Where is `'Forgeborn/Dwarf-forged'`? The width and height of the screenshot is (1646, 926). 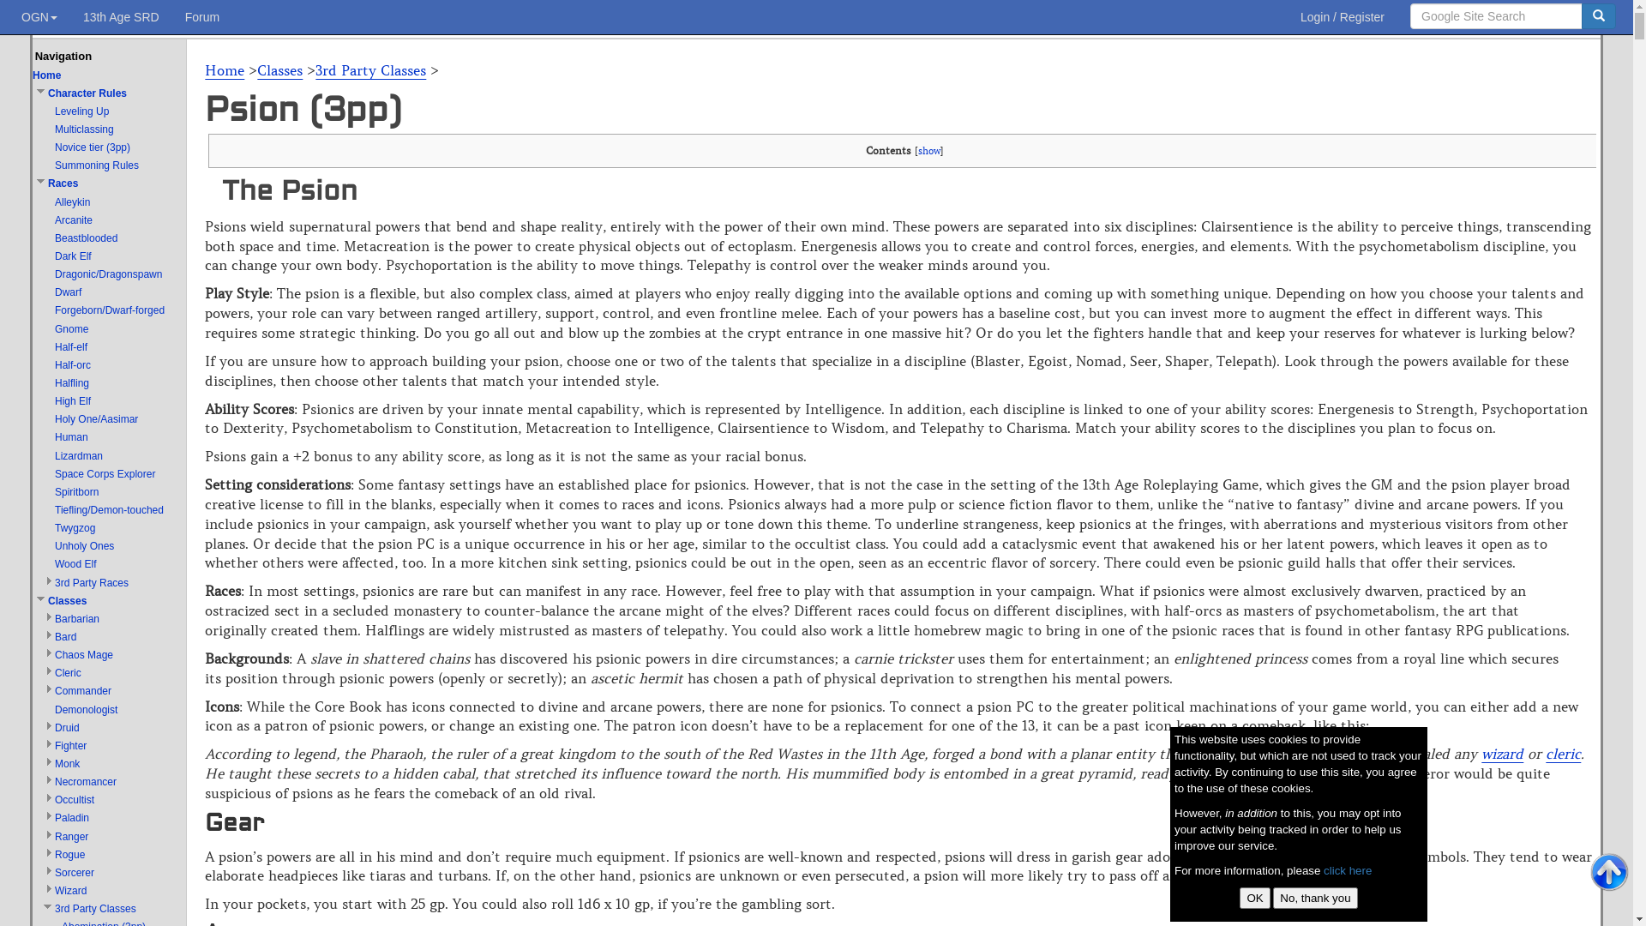
'Forgeborn/Dwarf-forged' is located at coordinates (109, 310).